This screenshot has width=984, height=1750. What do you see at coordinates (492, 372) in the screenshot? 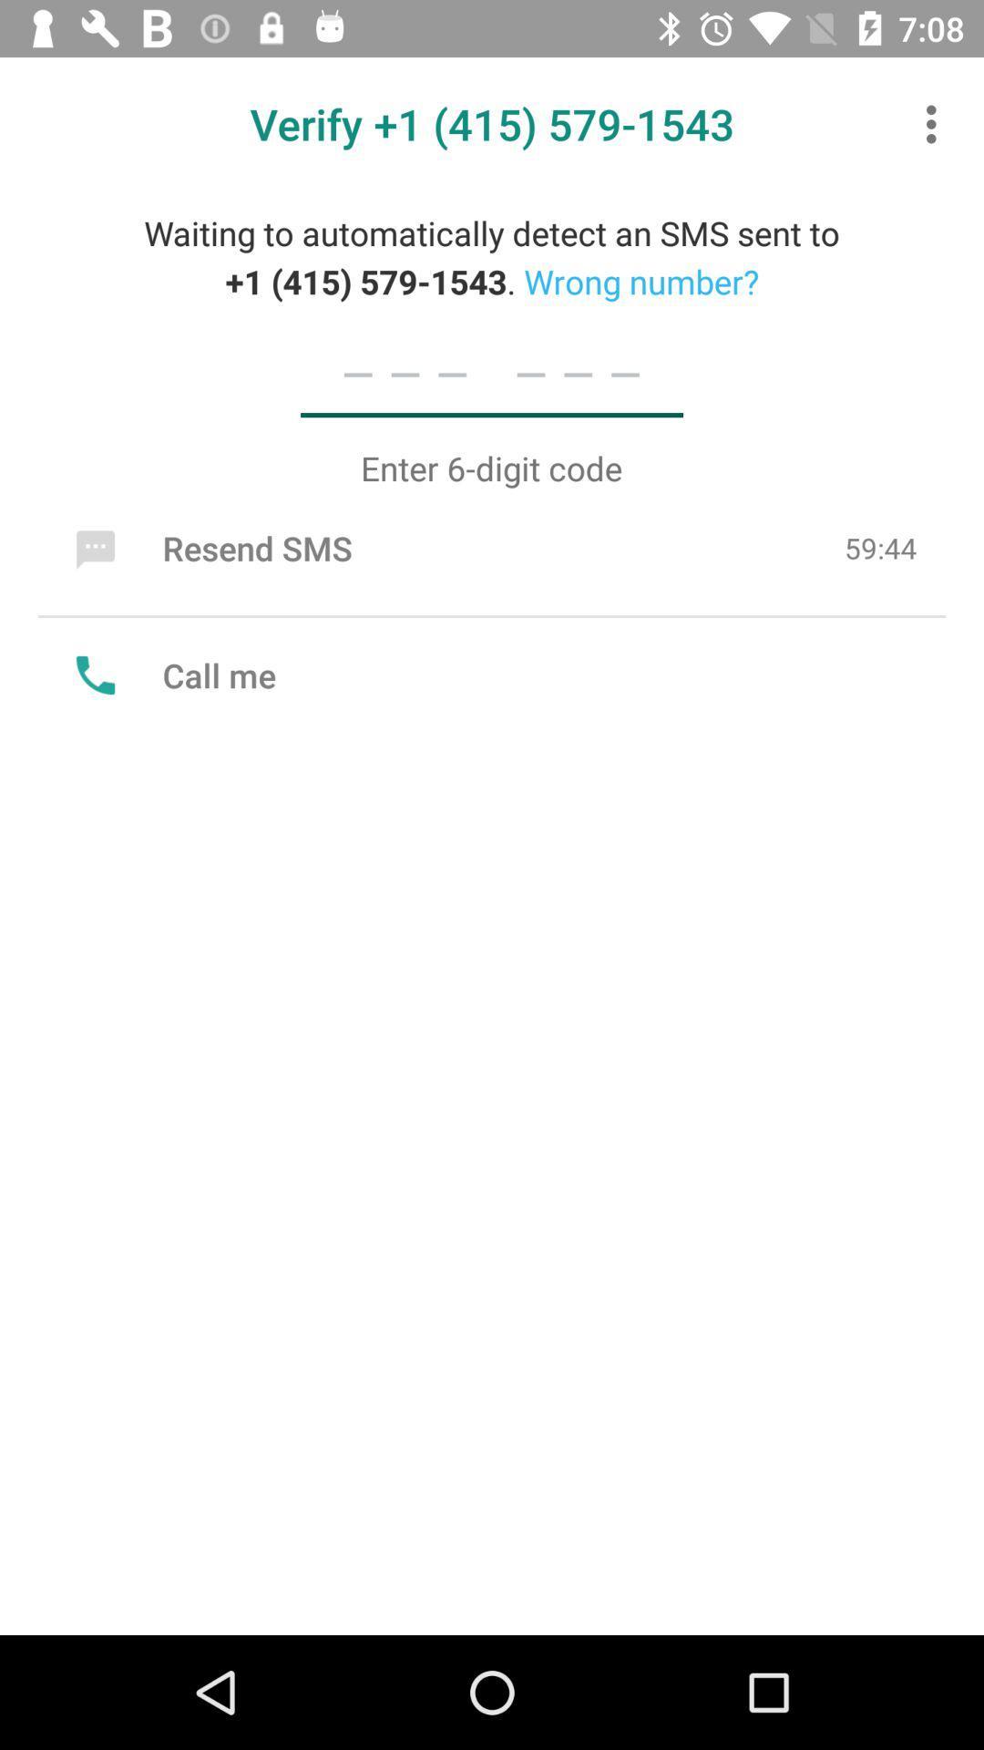
I see `item below waiting to automatically` at bounding box center [492, 372].